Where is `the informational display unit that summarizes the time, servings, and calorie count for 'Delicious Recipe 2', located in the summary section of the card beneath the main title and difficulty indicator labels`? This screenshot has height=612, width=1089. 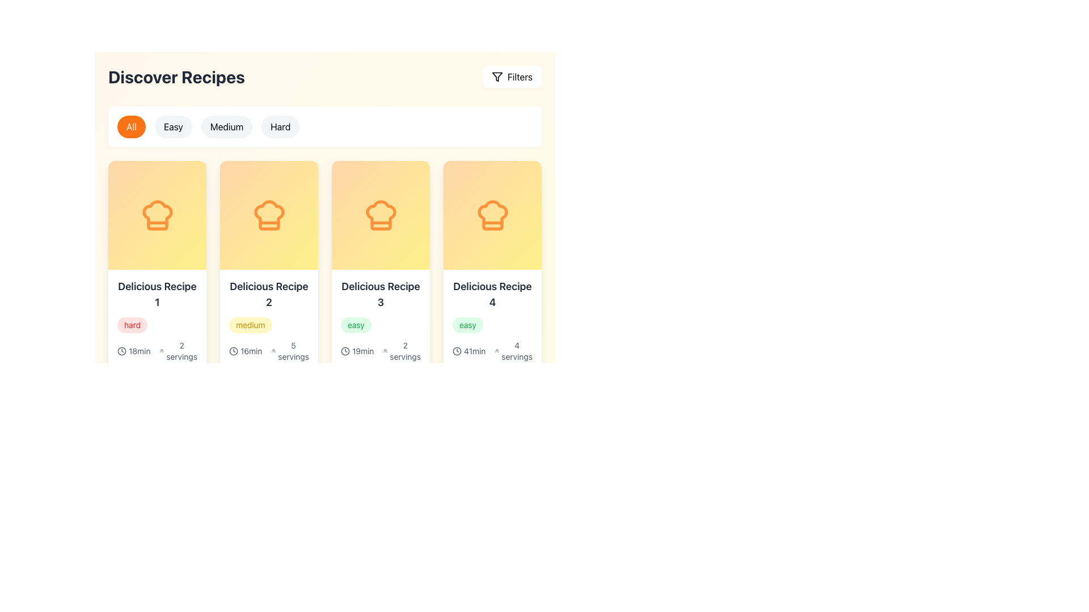 the informational display unit that summarizes the time, servings, and calorie count for 'Delicious Recipe 2', located in the summary section of the card beneath the main title and difficulty indicator labels is located at coordinates (268, 365).